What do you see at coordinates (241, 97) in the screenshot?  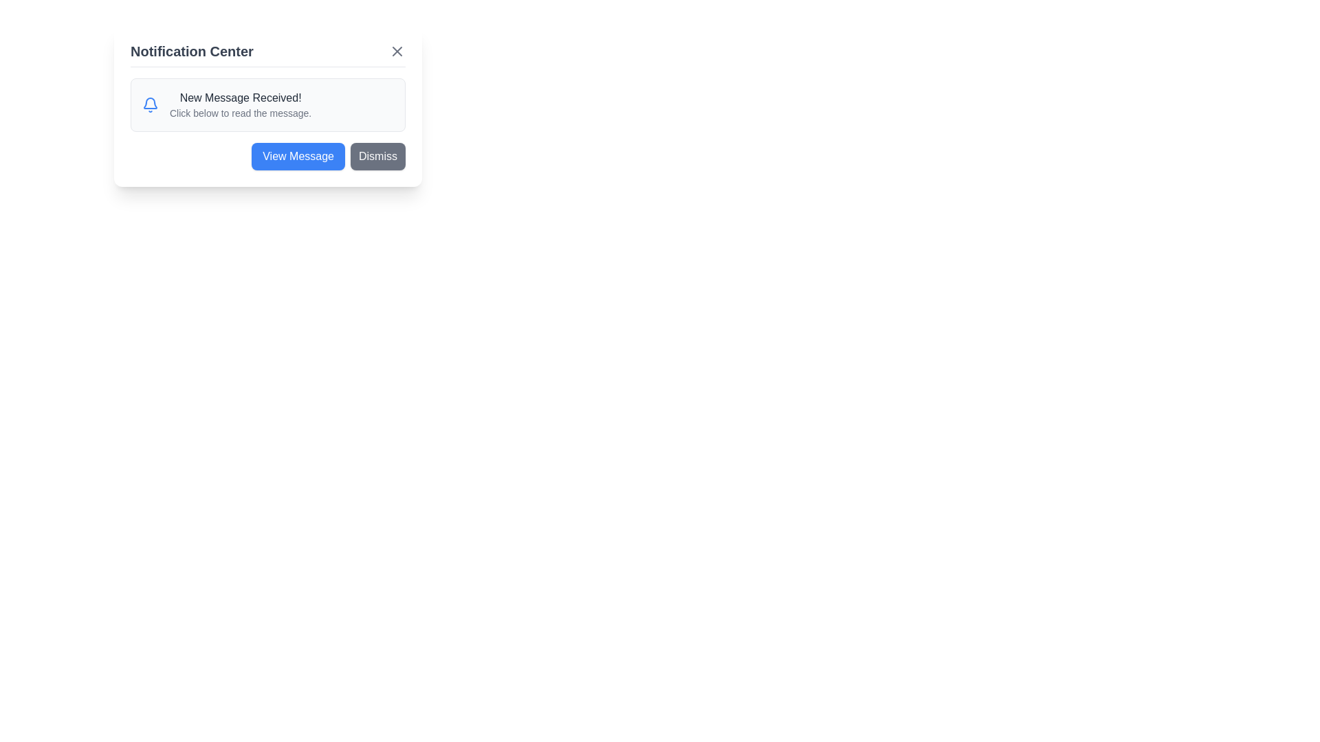 I see `the text label displaying 'New Message Received!' which is prominently placed within a notification box at the top, centered horizontally, and styled in bold dark gray font` at bounding box center [241, 97].